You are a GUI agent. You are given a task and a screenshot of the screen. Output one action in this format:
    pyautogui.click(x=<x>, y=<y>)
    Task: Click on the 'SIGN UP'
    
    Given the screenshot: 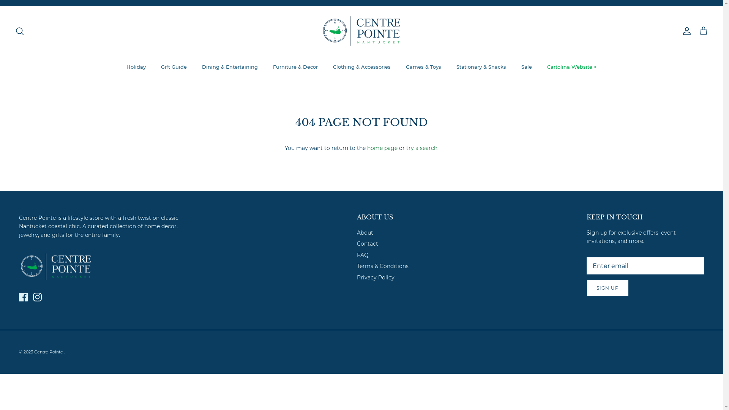 What is the action you would take?
    pyautogui.click(x=607, y=288)
    